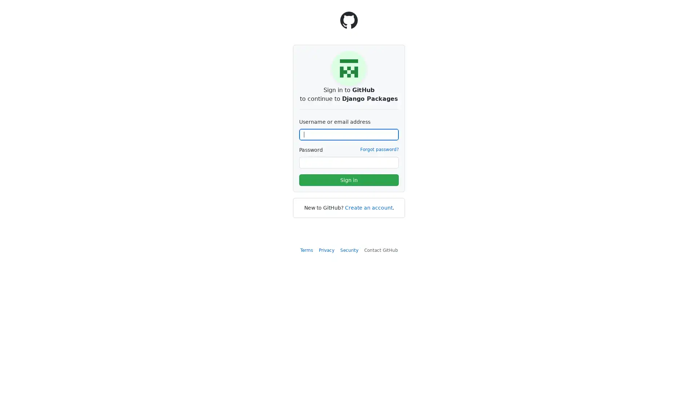 The image size is (698, 393). Describe the element at coordinates (349, 180) in the screenshot. I see `Sign in` at that location.